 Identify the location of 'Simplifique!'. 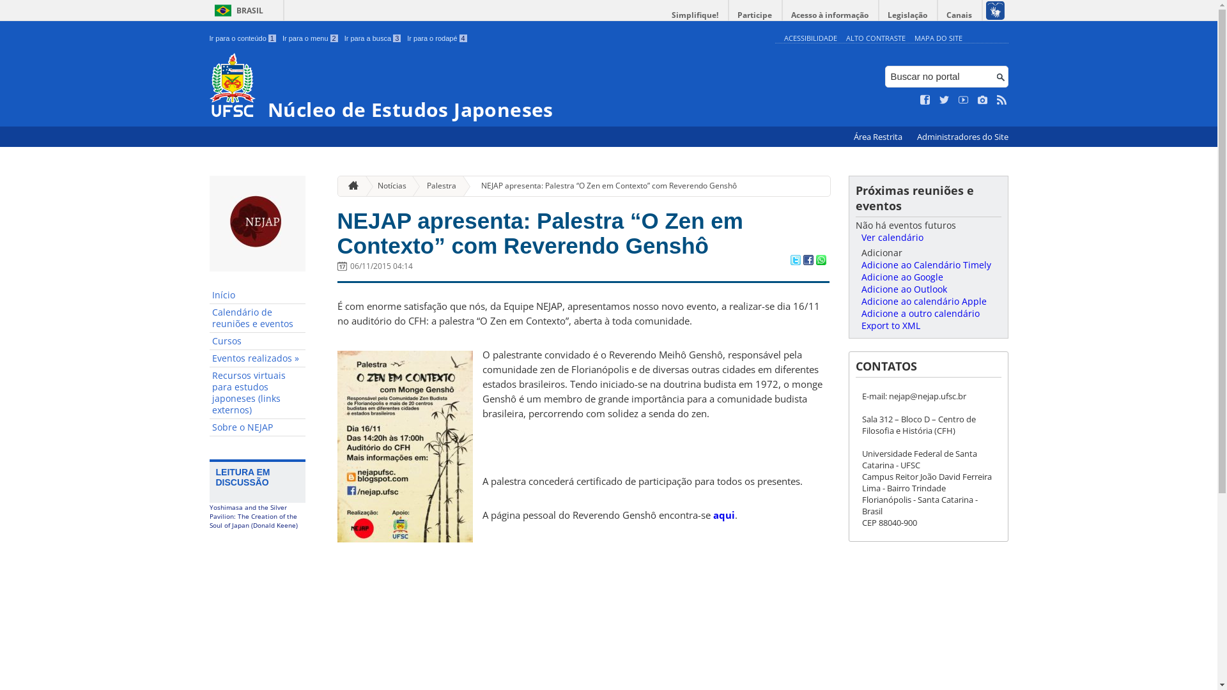
(695, 15).